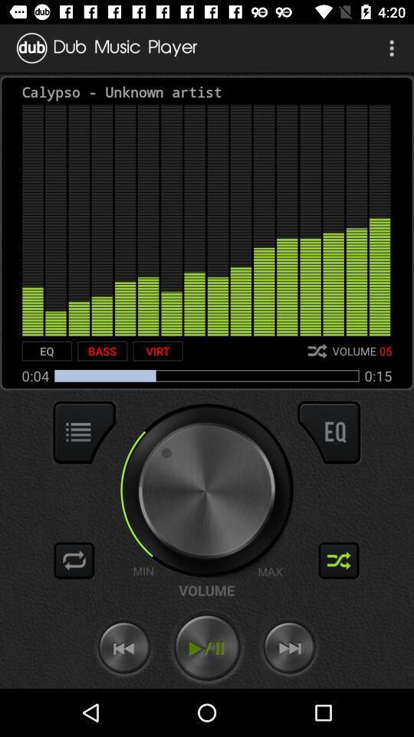 The width and height of the screenshot is (414, 737). Describe the element at coordinates (102, 351) in the screenshot. I see `the icon next to the   eq   item` at that location.